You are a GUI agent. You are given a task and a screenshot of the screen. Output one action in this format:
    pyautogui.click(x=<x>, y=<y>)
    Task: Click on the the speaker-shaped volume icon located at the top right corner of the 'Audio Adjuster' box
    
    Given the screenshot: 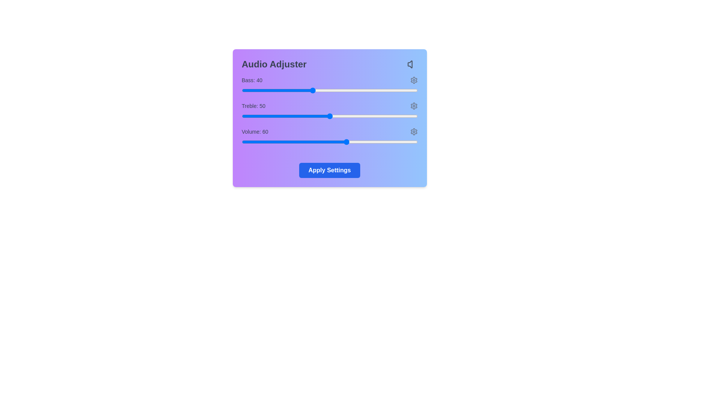 What is the action you would take?
    pyautogui.click(x=412, y=64)
    